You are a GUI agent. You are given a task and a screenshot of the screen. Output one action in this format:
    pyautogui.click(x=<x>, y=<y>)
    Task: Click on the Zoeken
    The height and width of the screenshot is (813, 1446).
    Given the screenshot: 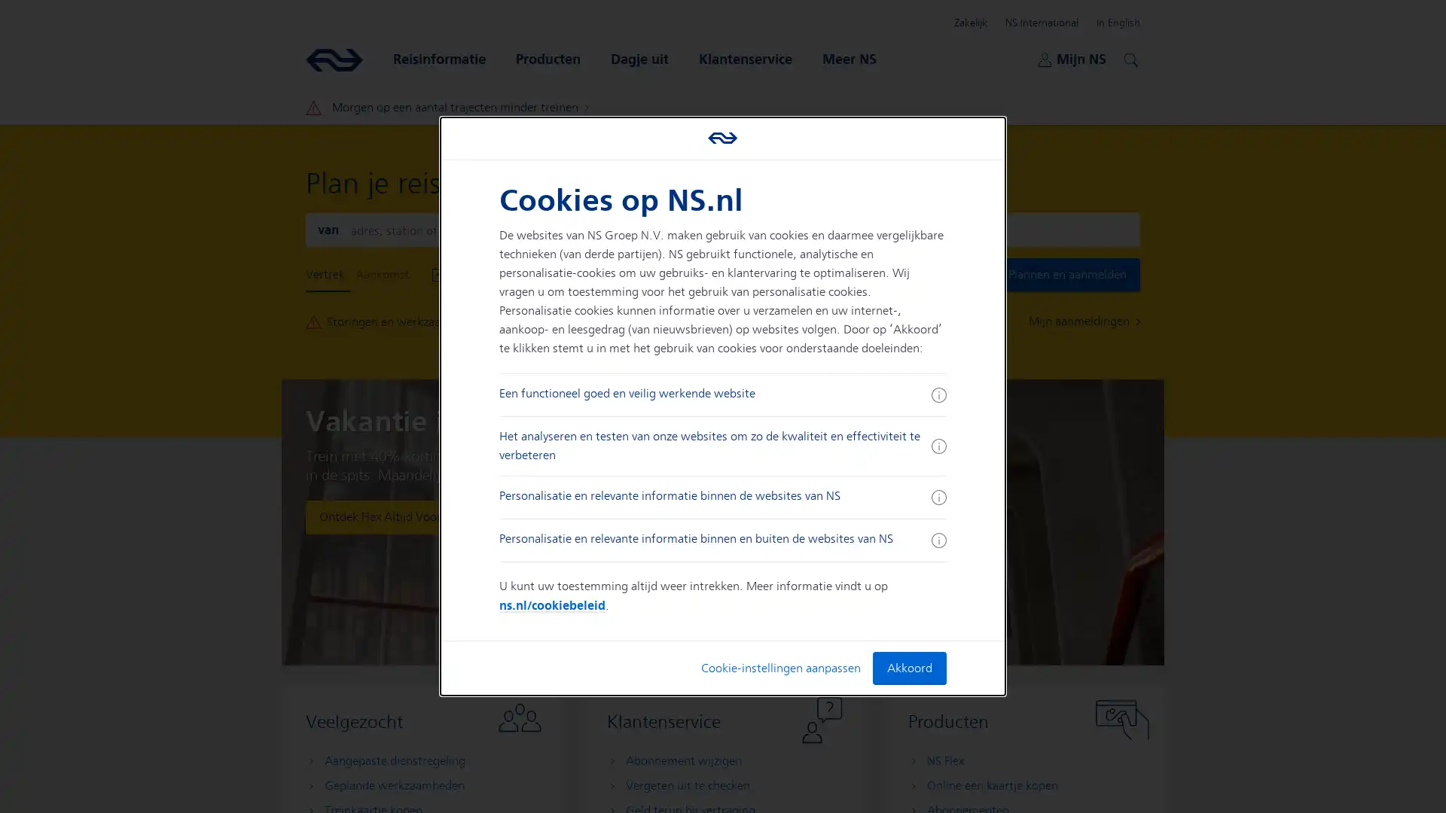 What is the action you would take?
    pyautogui.click(x=1128, y=57)
    